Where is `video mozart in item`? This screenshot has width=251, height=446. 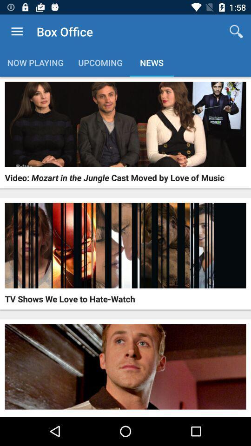
video mozart in item is located at coordinates (114, 177).